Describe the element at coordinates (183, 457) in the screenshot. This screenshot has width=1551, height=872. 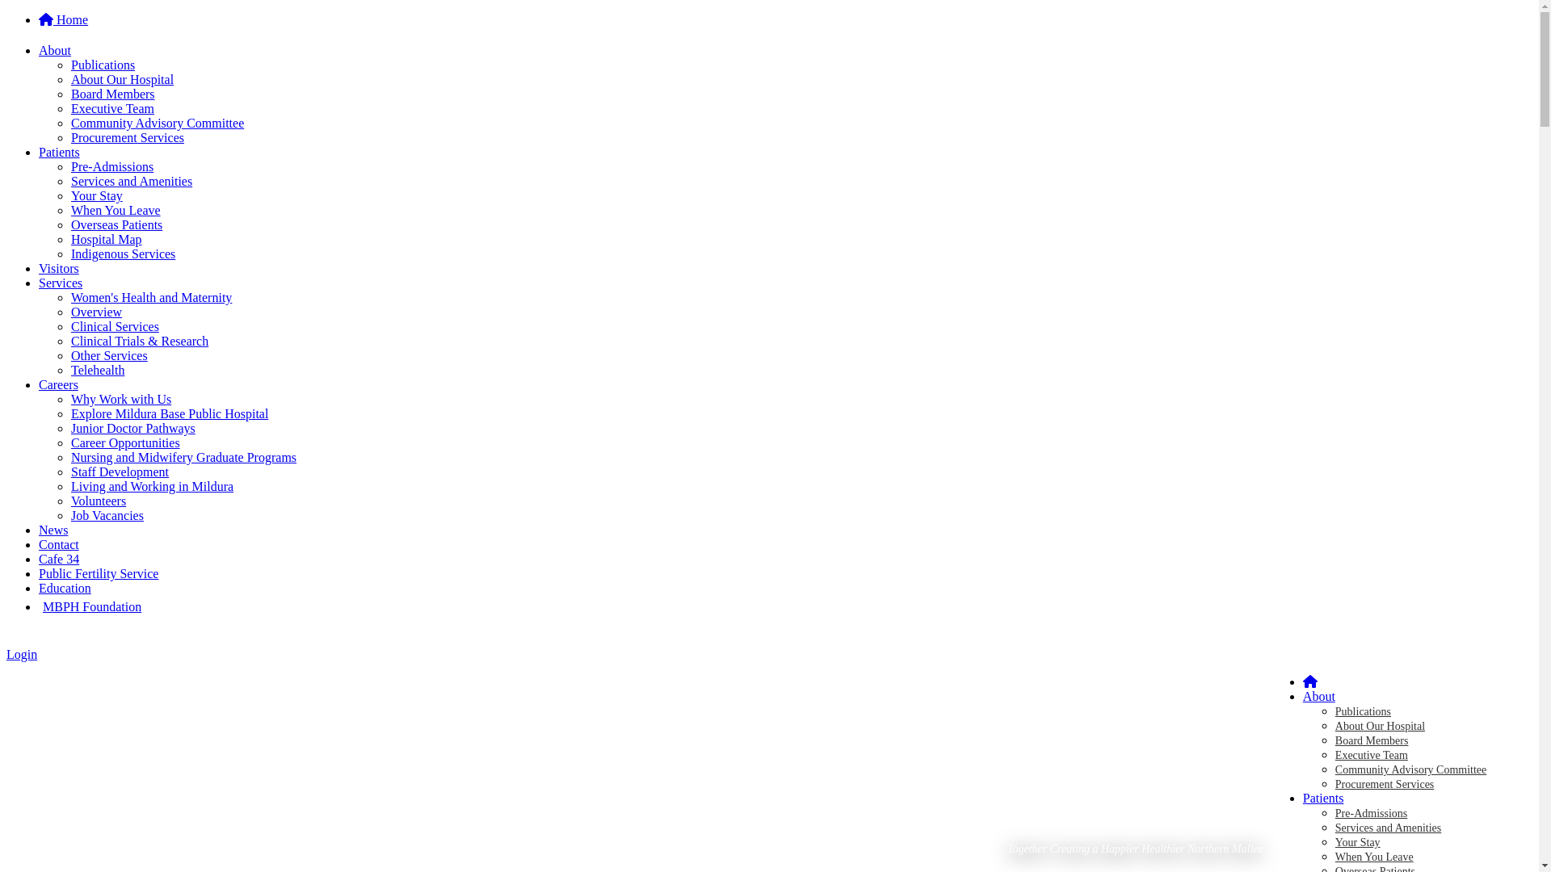
I see `'Nursing and Midwifery Graduate Programs'` at that location.